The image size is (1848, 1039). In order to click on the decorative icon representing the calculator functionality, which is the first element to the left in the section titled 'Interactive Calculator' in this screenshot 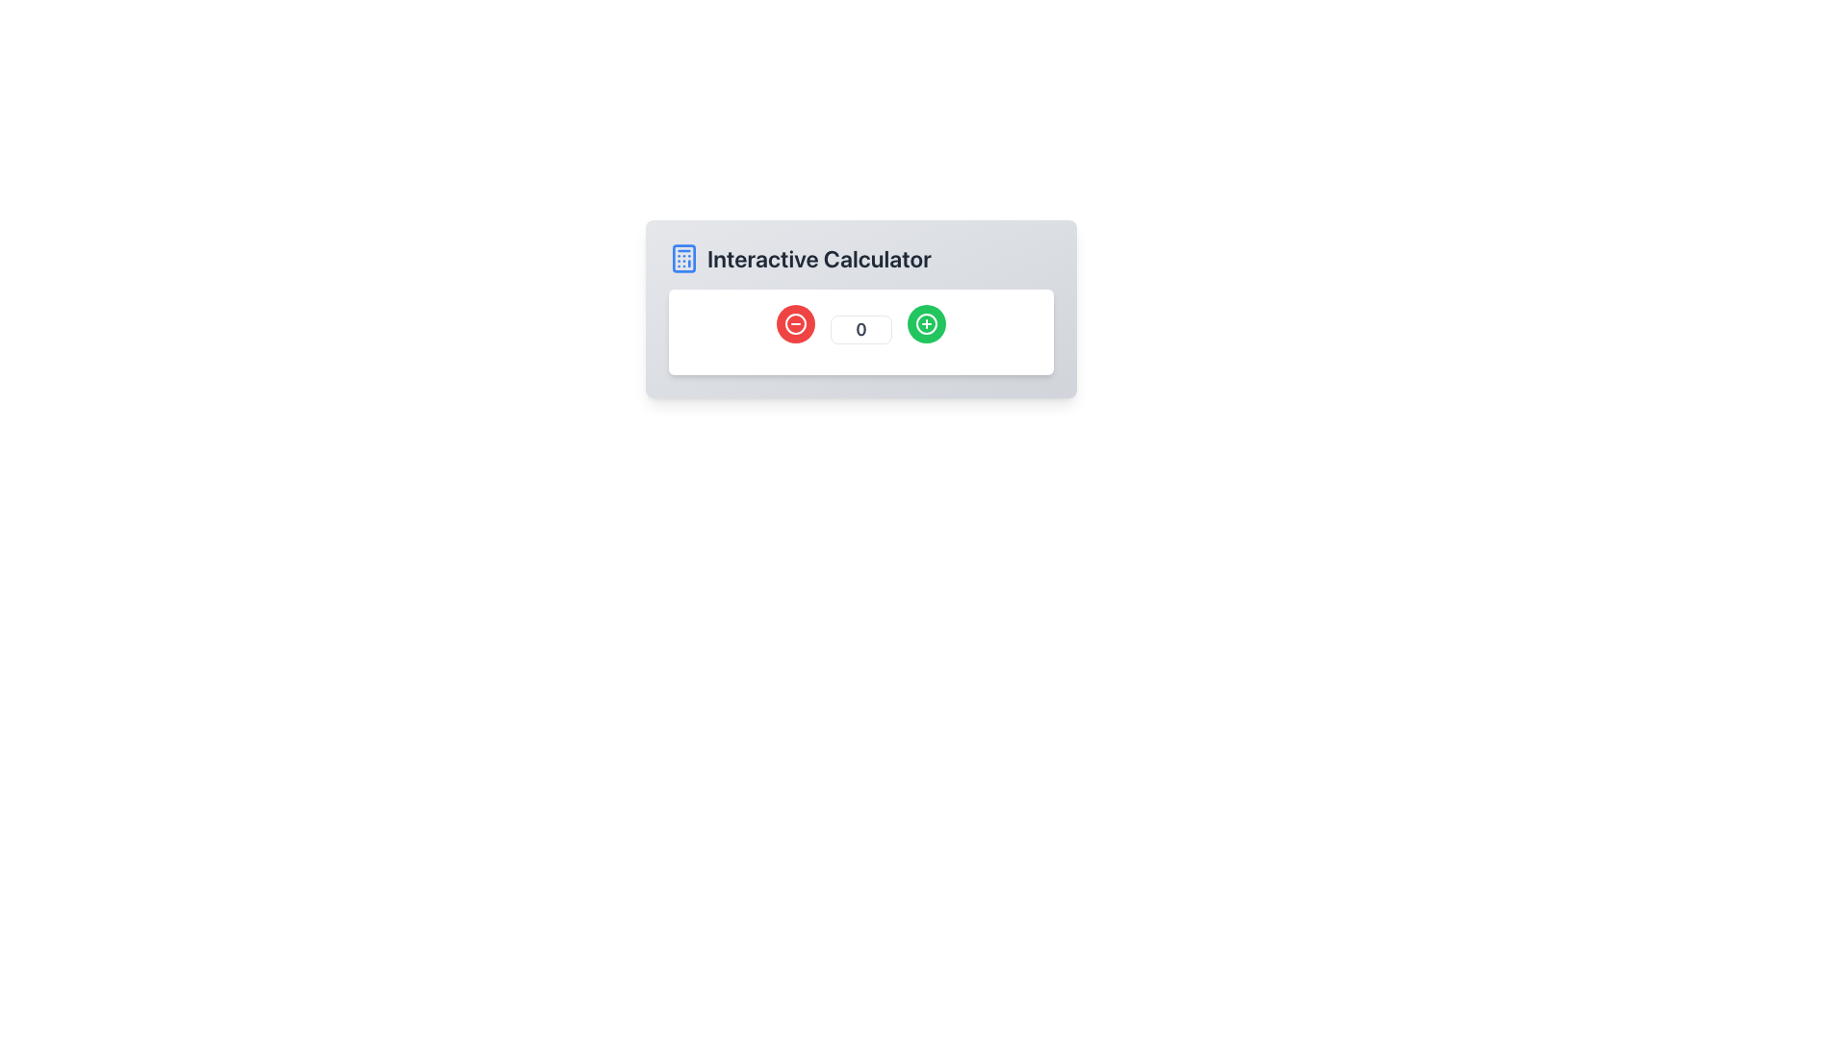, I will do `click(683, 258)`.